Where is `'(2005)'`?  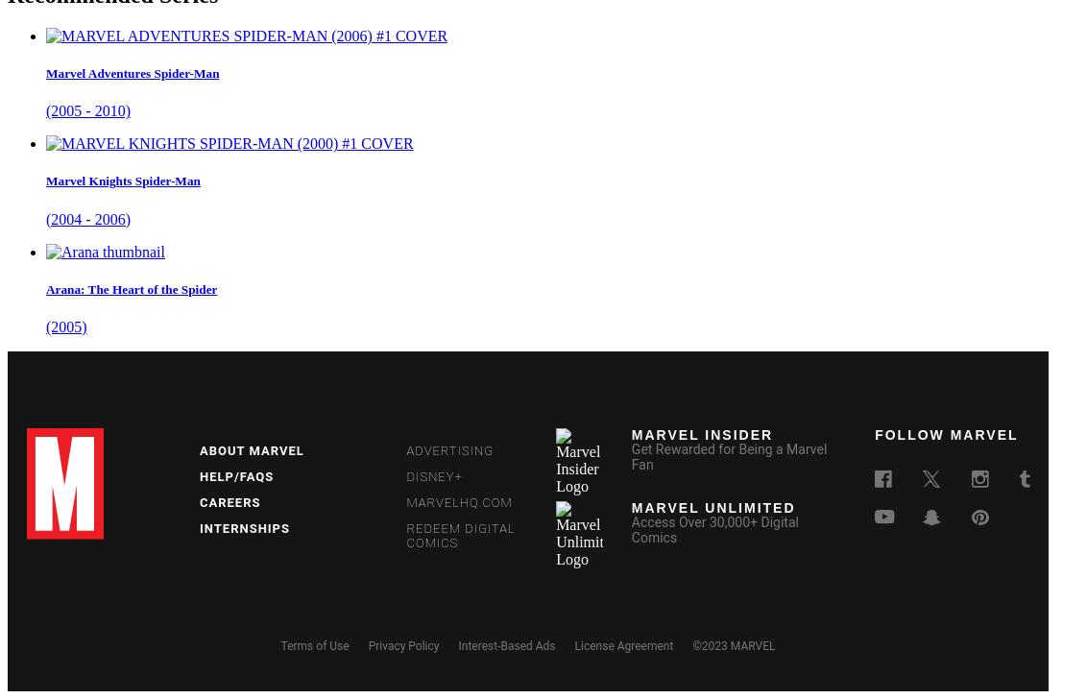
'(2005)' is located at coordinates (66, 325).